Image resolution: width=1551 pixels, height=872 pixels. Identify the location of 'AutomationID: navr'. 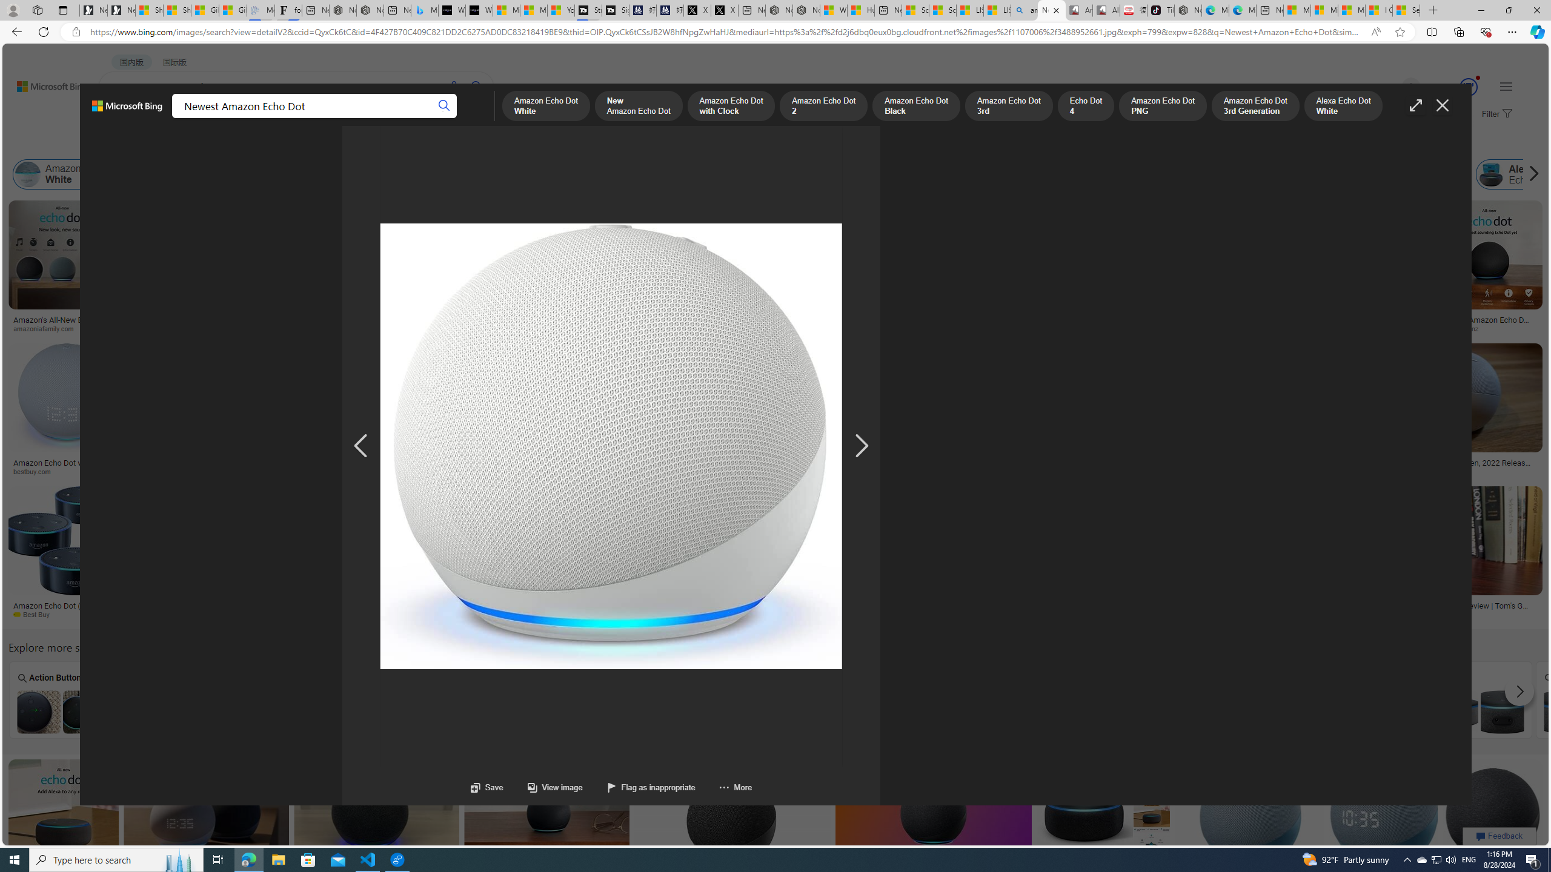
(862, 446).